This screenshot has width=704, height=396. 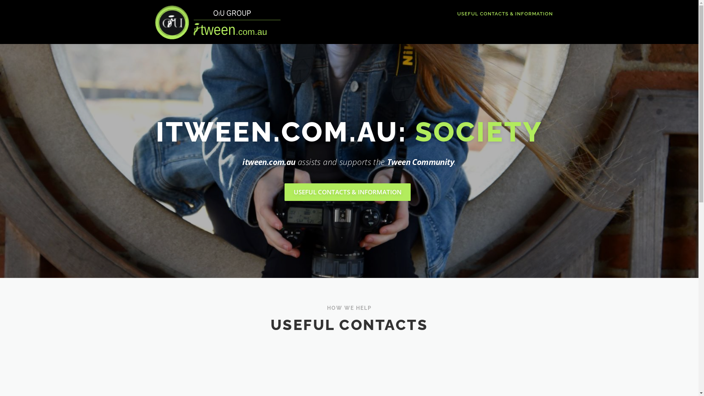 What do you see at coordinates (347, 191) in the screenshot?
I see `'USEFUL CONTACTS & INFORMATION'` at bounding box center [347, 191].